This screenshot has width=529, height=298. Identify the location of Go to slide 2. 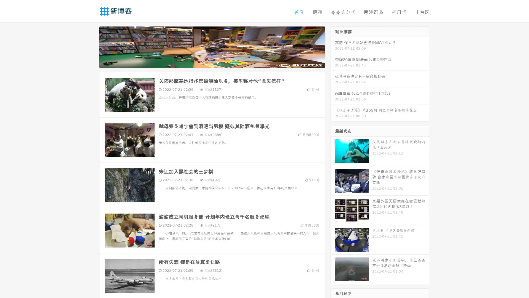
(212, 62).